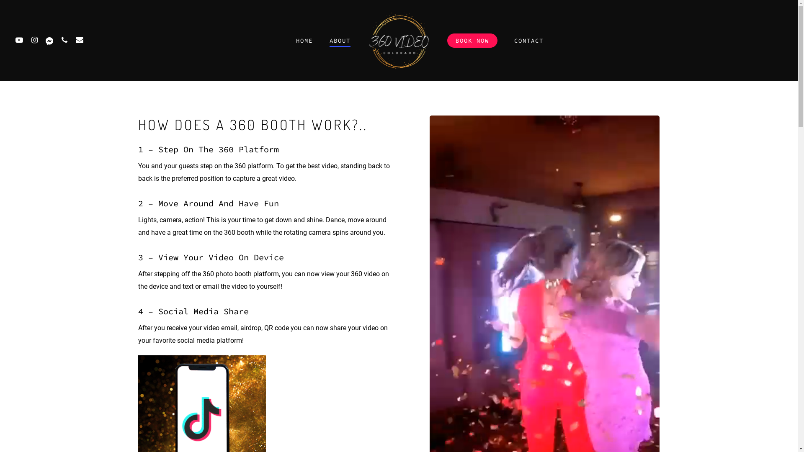  I want to click on 'PHONE', so click(64, 40).